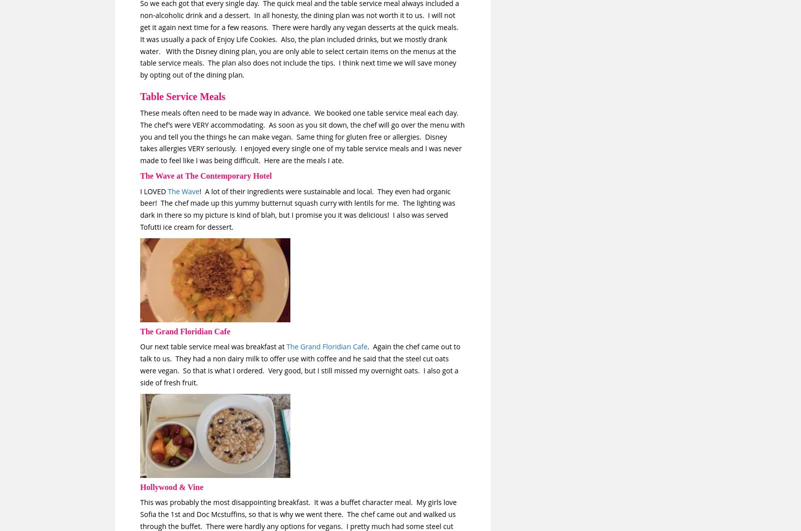  I want to click on 'The Wave', so click(183, 191).